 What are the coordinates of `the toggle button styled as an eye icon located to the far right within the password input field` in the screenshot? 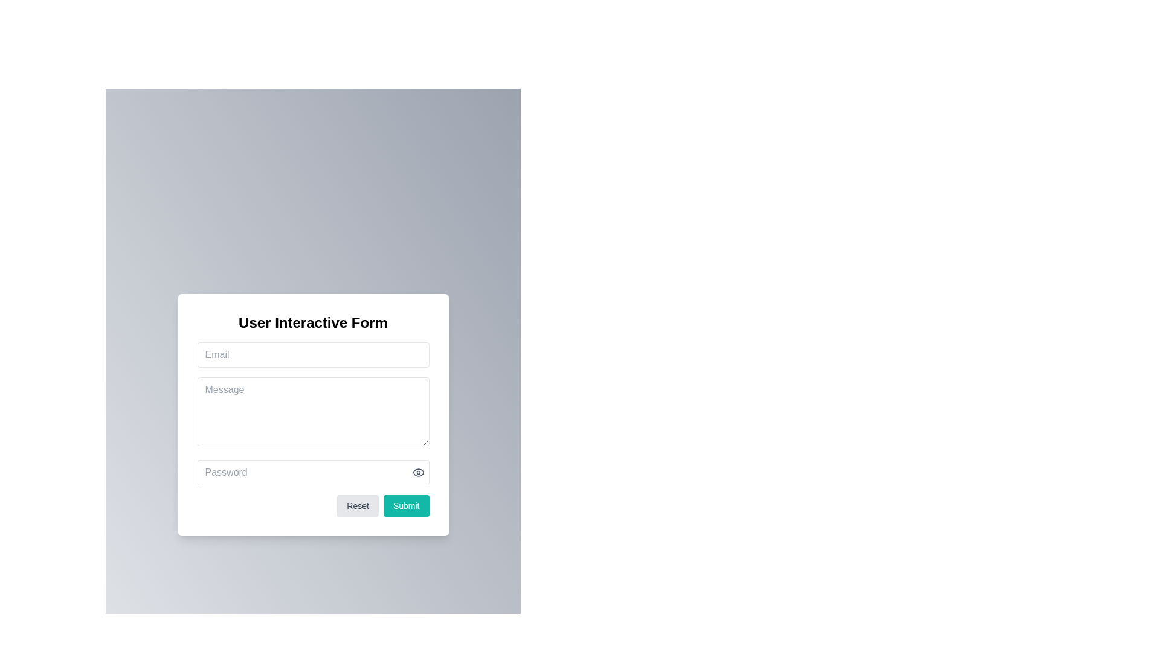 It's located at (418, 471).